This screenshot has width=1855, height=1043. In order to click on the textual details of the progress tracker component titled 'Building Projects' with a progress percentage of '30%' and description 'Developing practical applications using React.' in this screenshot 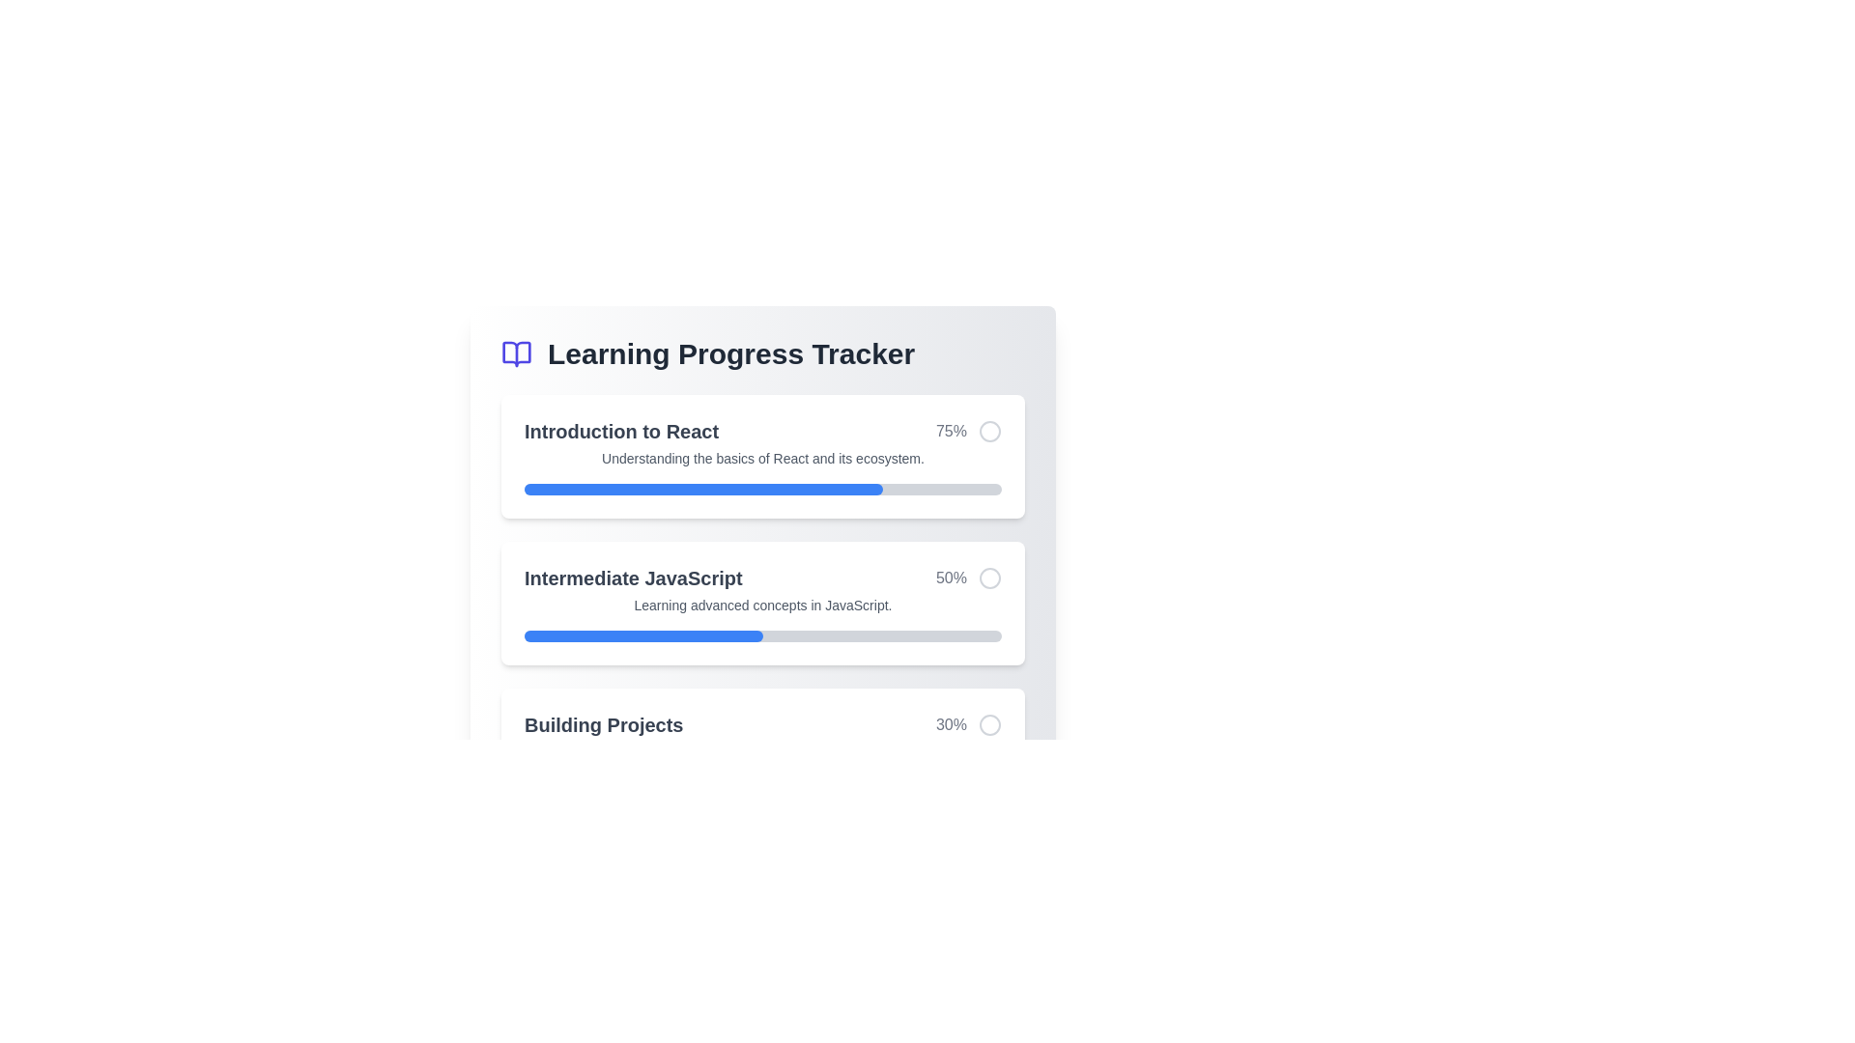, I will do `click(762, 748)`.